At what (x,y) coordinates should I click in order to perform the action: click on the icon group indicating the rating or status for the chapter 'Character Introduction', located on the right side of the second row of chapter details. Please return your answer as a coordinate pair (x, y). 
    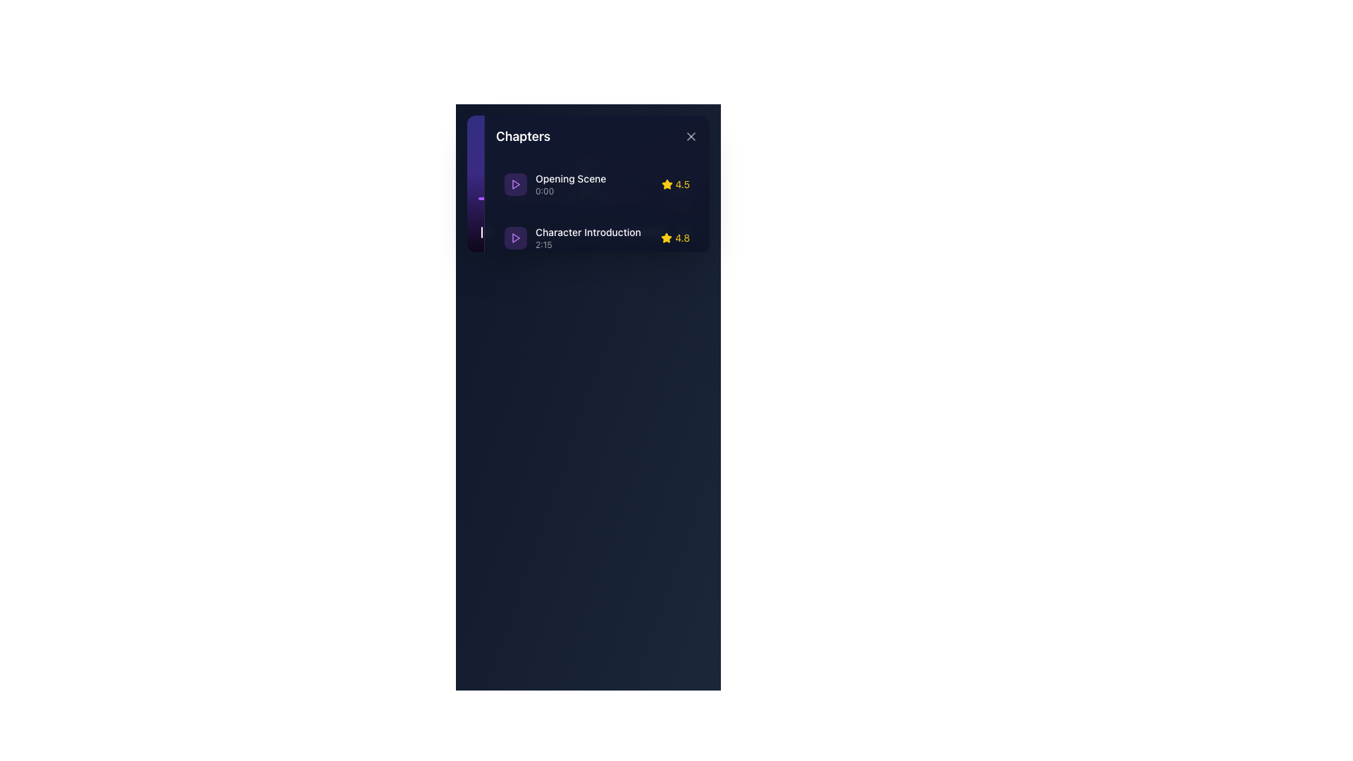
    Looking at the image, I should click on (683, 231).